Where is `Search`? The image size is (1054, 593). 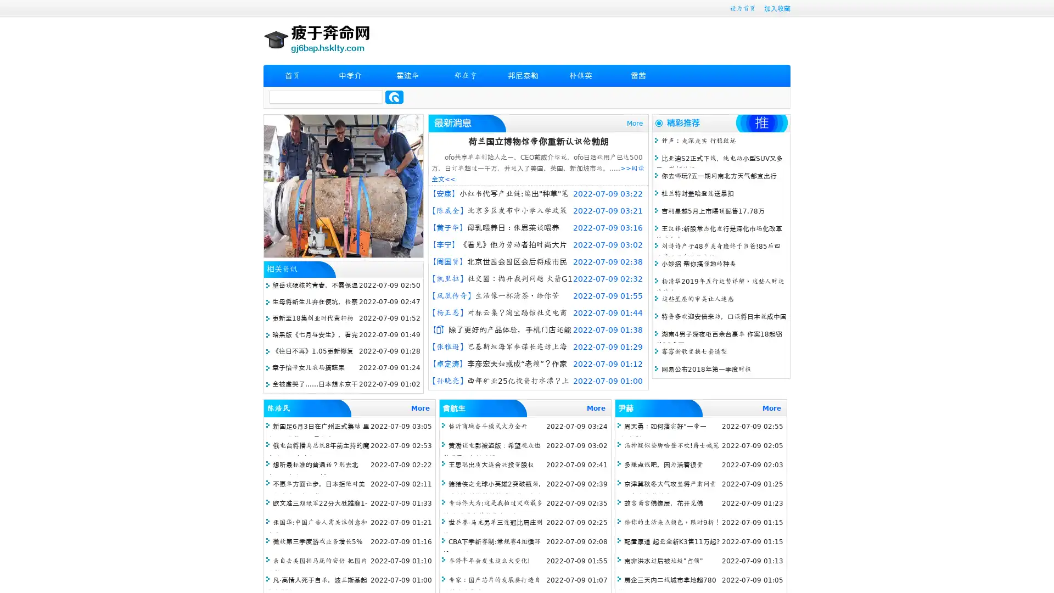 Search is located at coordinates (394, 97).